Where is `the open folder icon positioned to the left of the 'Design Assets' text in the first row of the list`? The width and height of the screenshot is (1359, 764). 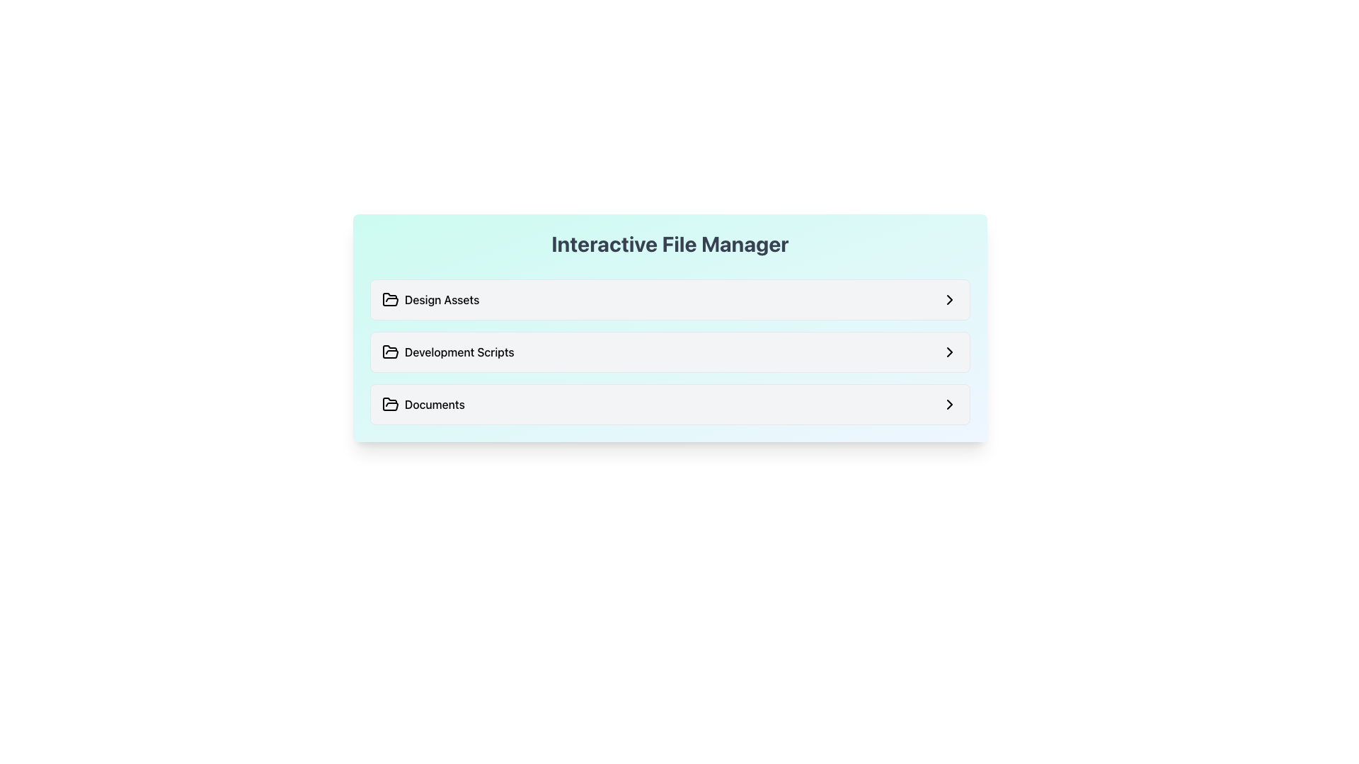
the open folder icon positioned to the left of the 'Design Assets' text in the first row of the list is located at coordinates (391, 299).